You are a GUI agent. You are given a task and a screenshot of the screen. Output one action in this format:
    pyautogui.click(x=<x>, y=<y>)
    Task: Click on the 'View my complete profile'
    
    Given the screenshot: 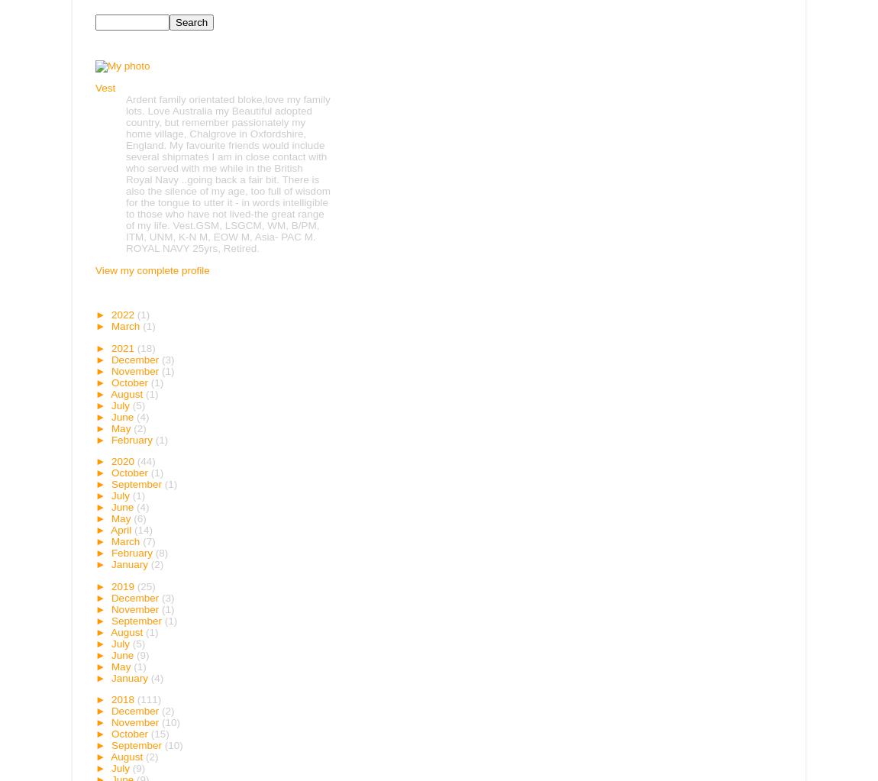 What is the action you would take?
    pyautogui.click(x=151, y=269)
    